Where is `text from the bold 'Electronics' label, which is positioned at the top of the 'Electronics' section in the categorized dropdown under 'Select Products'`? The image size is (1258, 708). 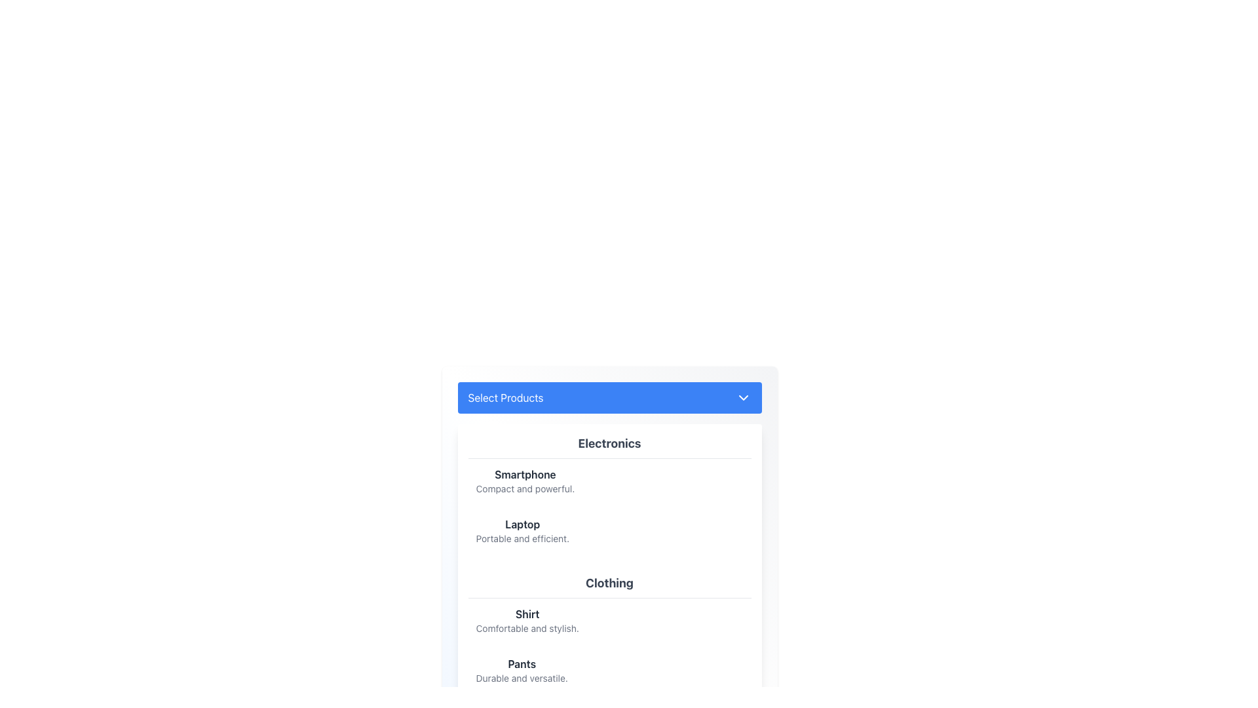
text from the bold 'Electronics' label, which is positioned at the top of the 'Electronics' section in the categorized dropdown under 'Select Products' is located at coordinates (609, 443).